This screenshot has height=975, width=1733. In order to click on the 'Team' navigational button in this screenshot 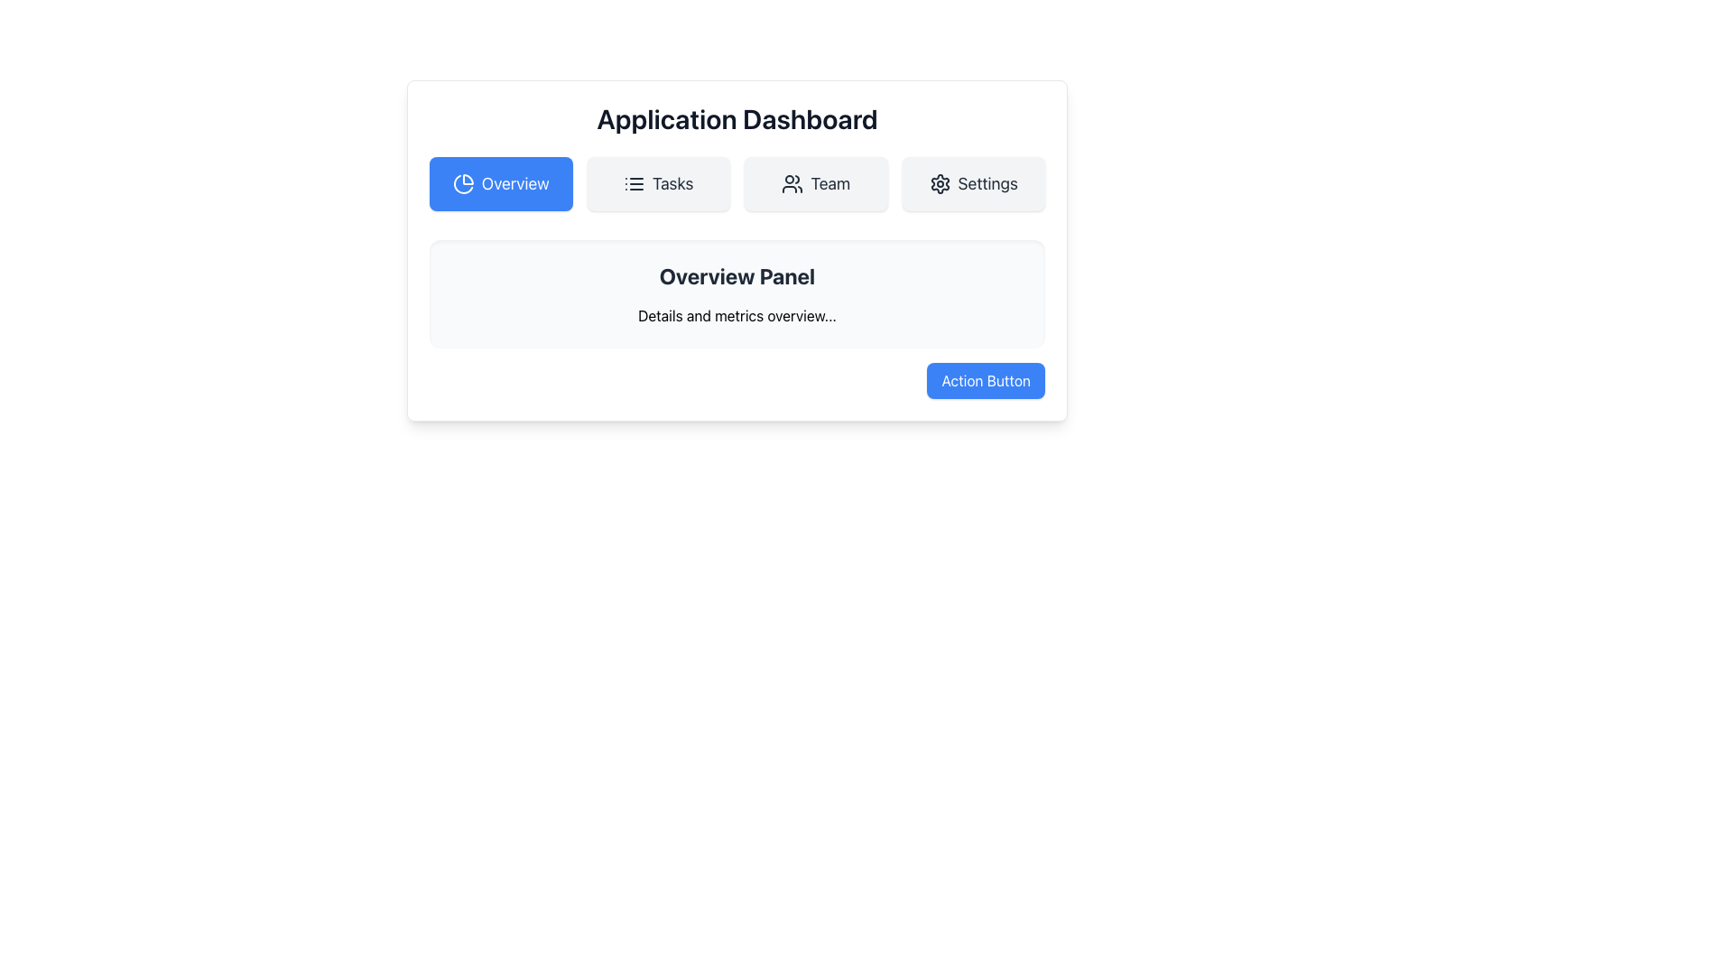, I will do `click(815, 184)`.